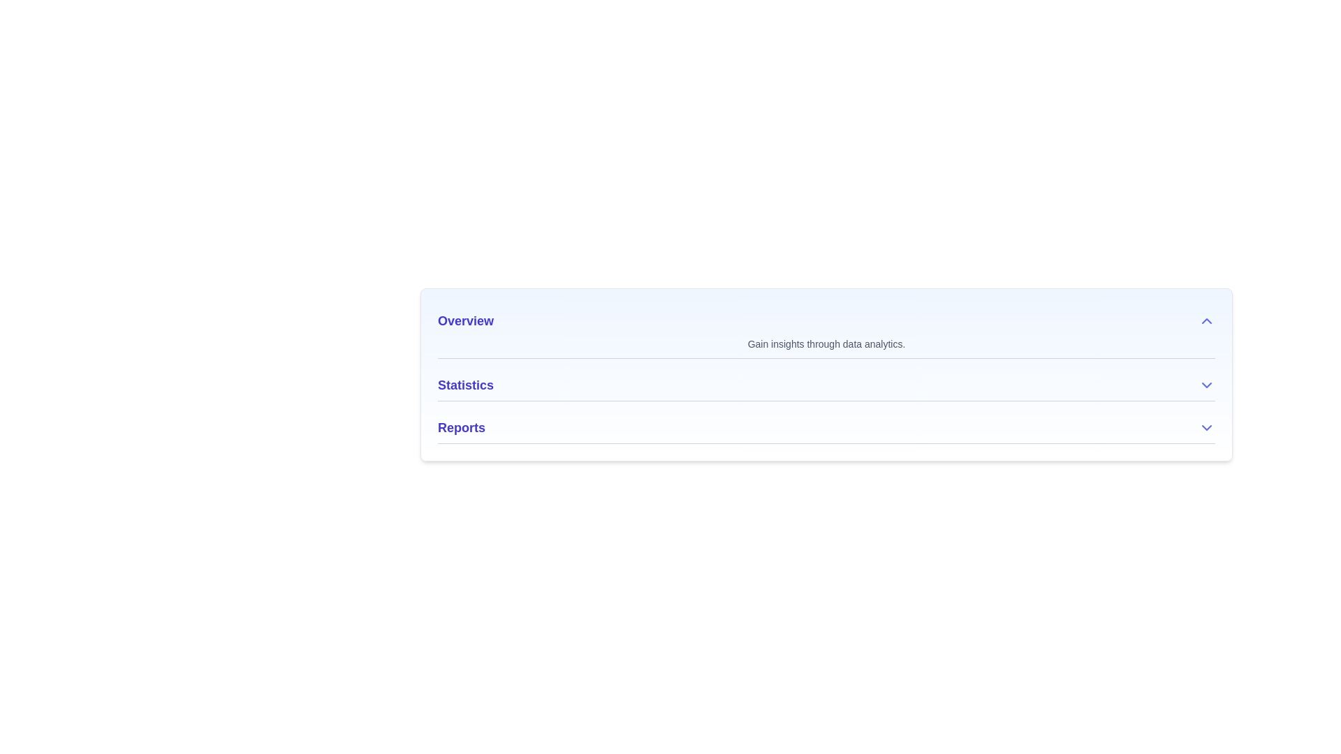 The width and height of the screenshot is (1341, 754). What do you see at coordinates (826, 427) in the screenshot?
I see `the 'Reports' Collapsible Section Header, which features bold blue text and a downward-pointing chevron, using the keyboard` at bounding box center [826, 427].